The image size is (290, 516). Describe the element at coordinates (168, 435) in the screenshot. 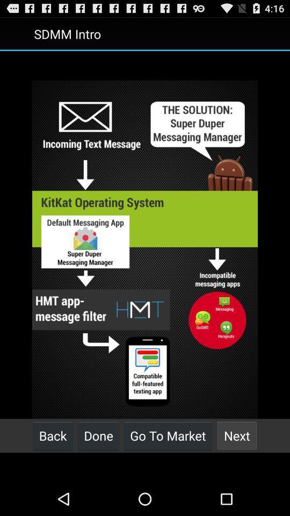

I see `the go to market` at that location.